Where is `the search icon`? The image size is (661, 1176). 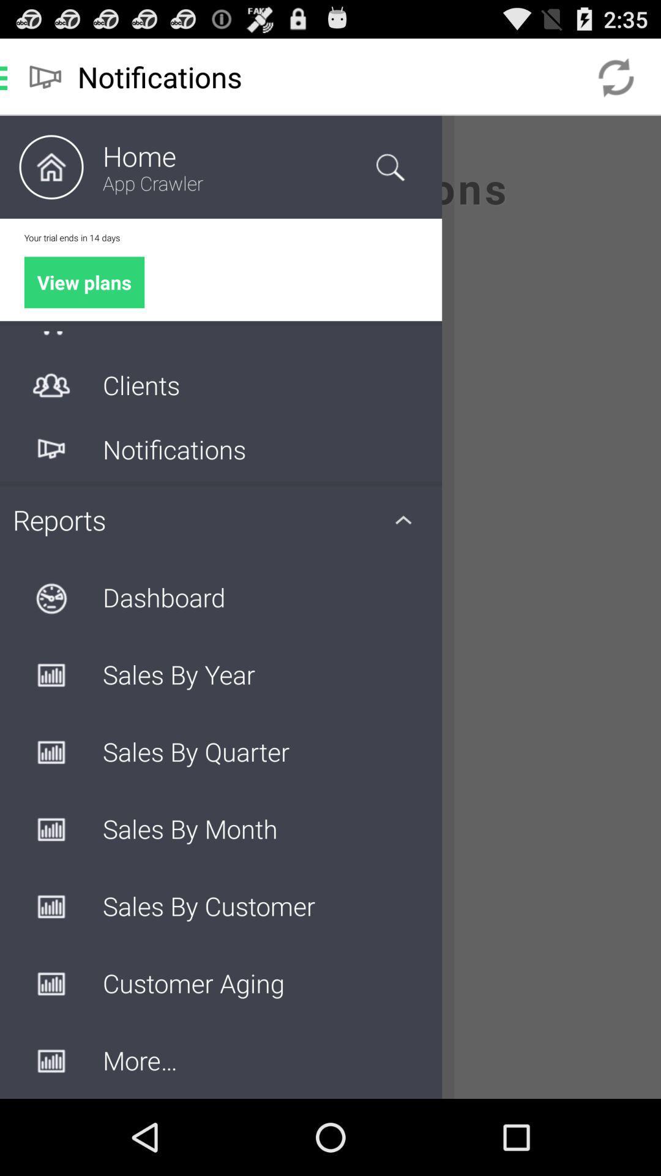
the search icon is located at coordinates (390, 178).